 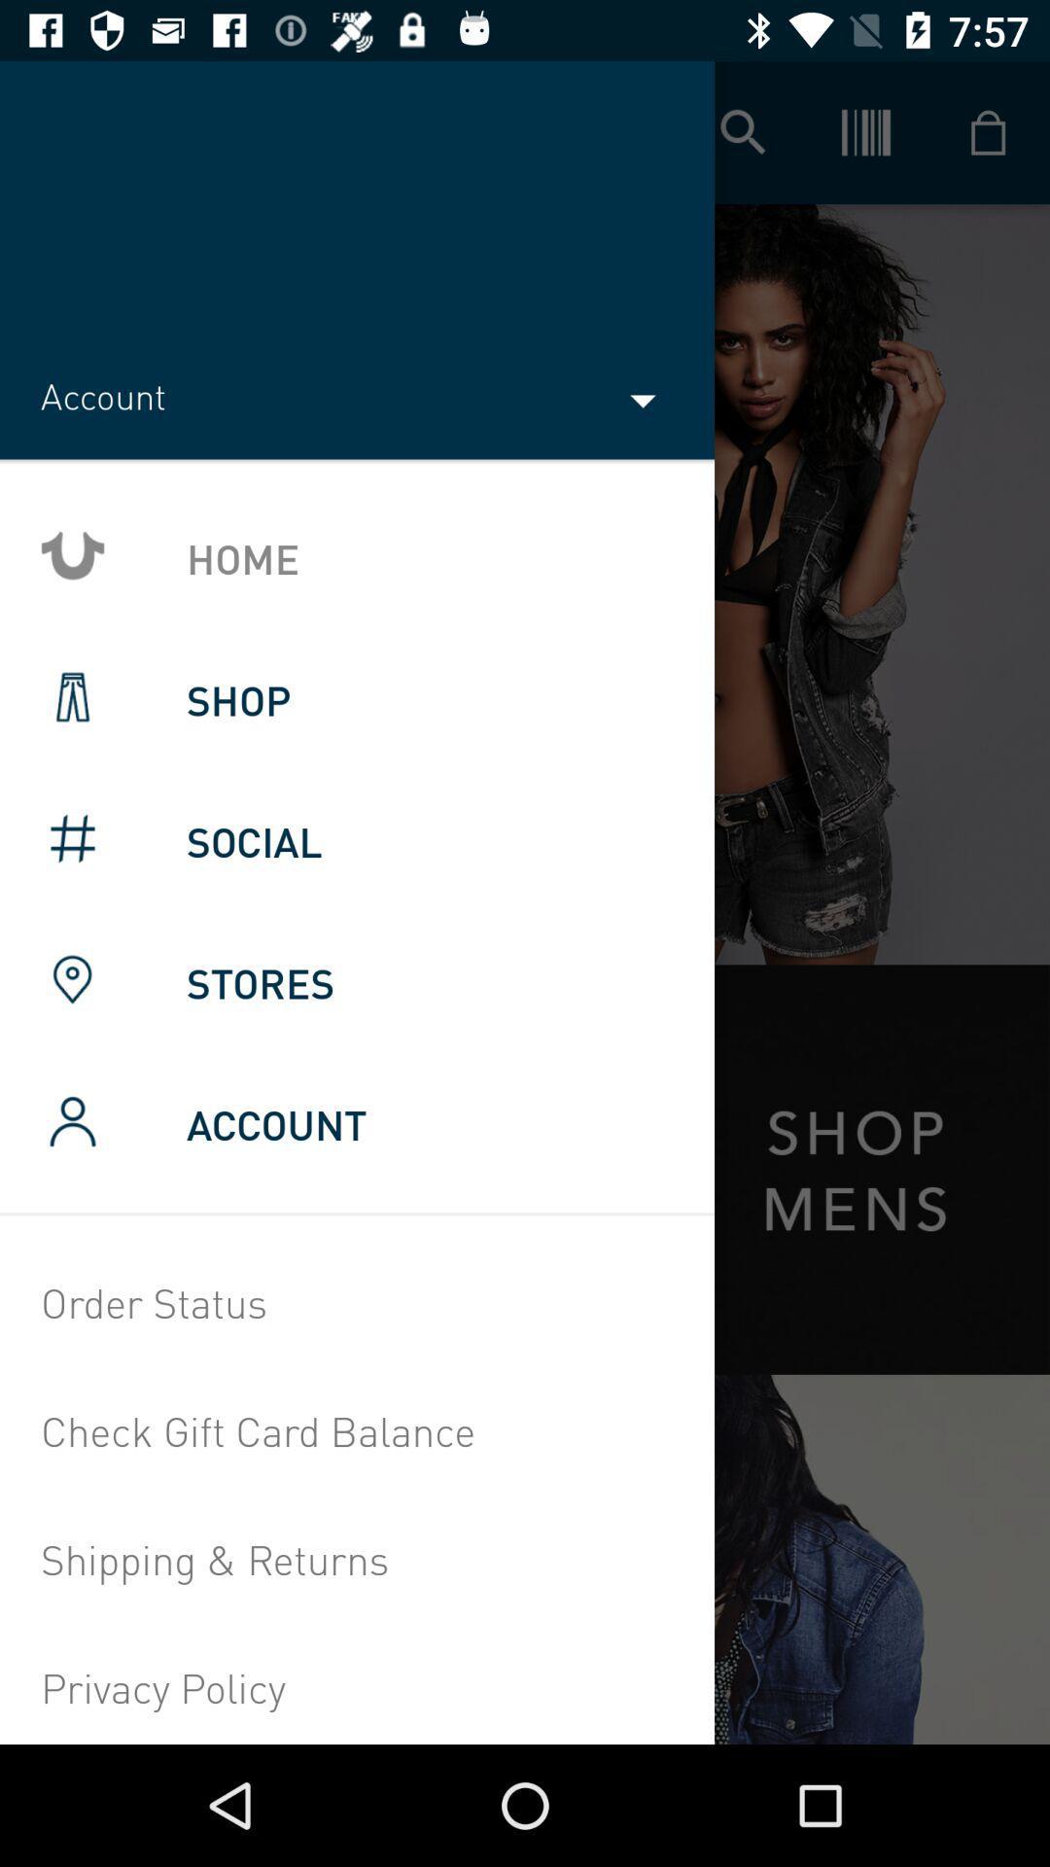 I want to click on cart icon on the top most right corner of the page, so click(x=989, y=132).